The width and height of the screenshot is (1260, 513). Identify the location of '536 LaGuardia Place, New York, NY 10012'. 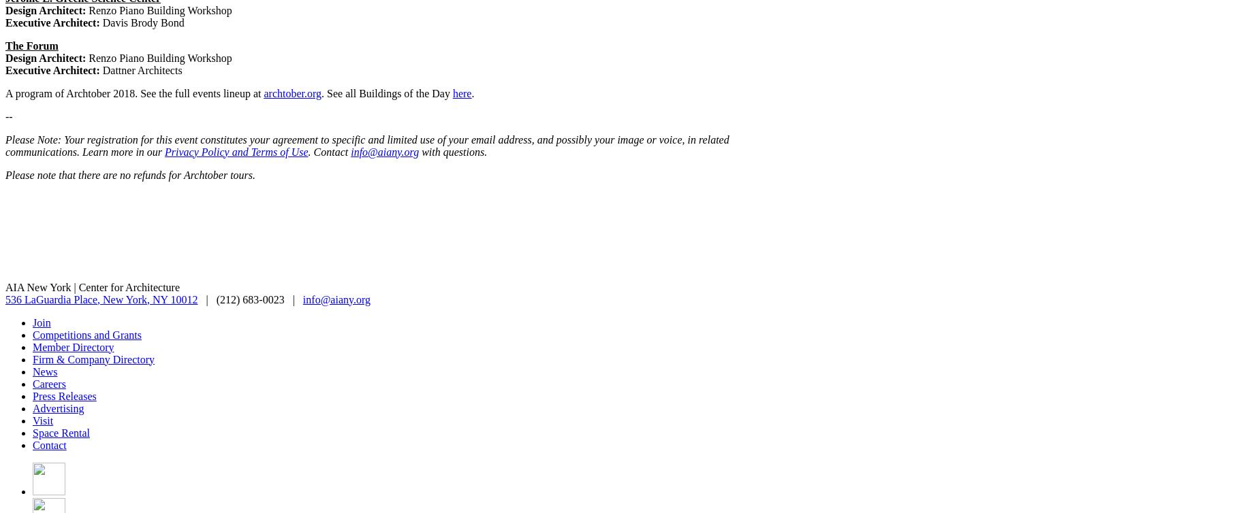
(100, 299).